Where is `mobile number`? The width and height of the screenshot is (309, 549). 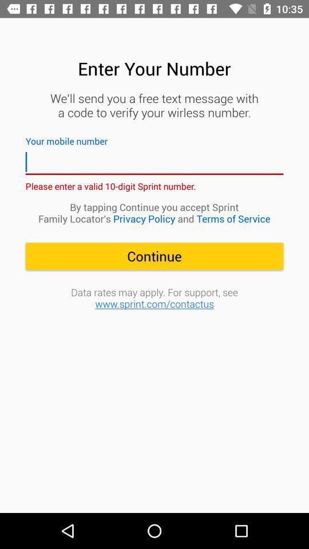 mobile number is located at coordinates (154, 161).